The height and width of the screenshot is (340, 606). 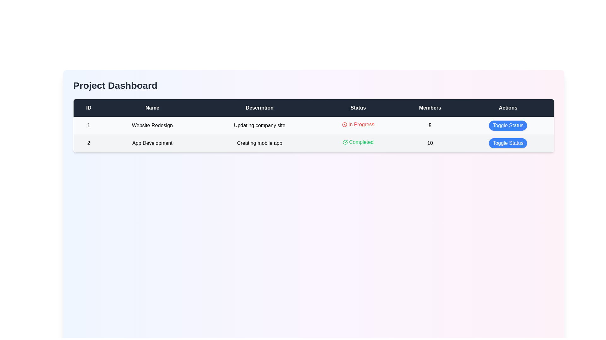 I want to click on the Text Label in the leftmost column of the second row of the data table, which serves as a unique identifier for the item listed, located below the 'ID' header and to the left of the 'App Development' cell, so click(x=88, y=143).